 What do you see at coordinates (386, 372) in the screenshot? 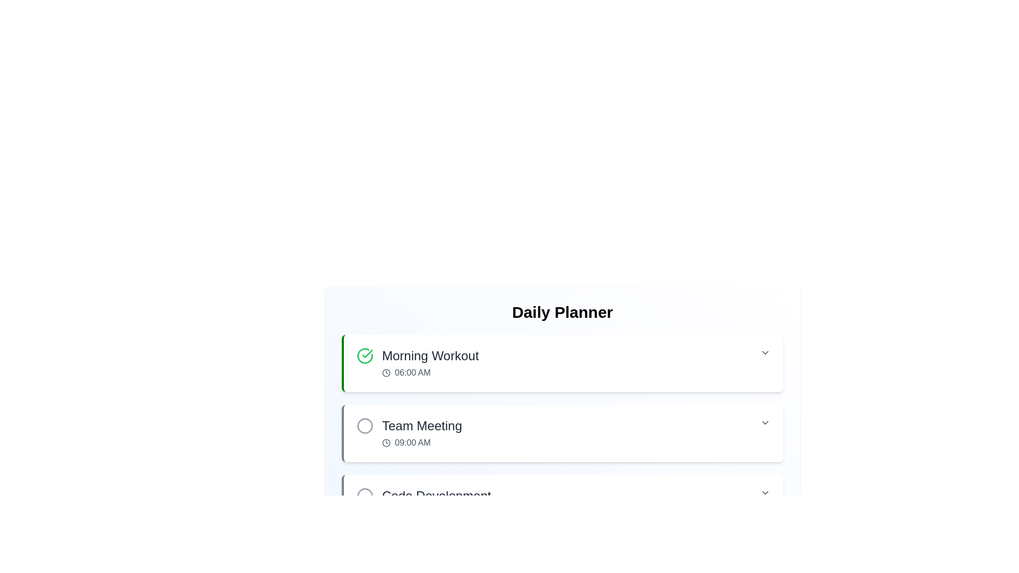
I see `the small circular clock icon located to the left of the text '06:00 AM' in the Daily Planner section` at bounding box center [386, 372].